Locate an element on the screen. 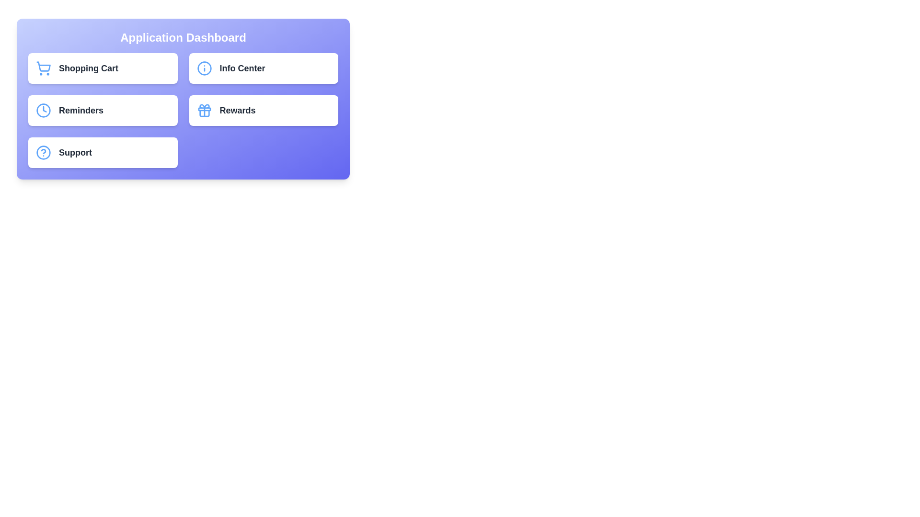 This screenshot has height=517, width=920. the 'Reminders' text label is located at coordinates (81, 110).